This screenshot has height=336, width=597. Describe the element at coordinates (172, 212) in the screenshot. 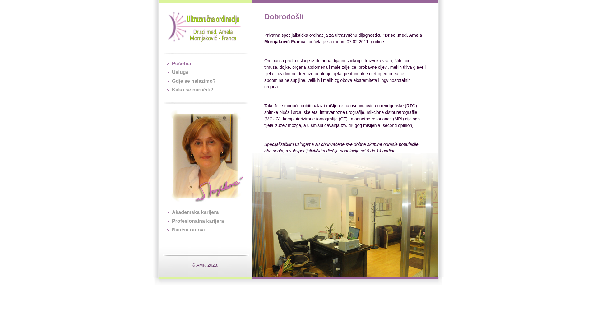

I see `'Akademska karijera'` at that location.